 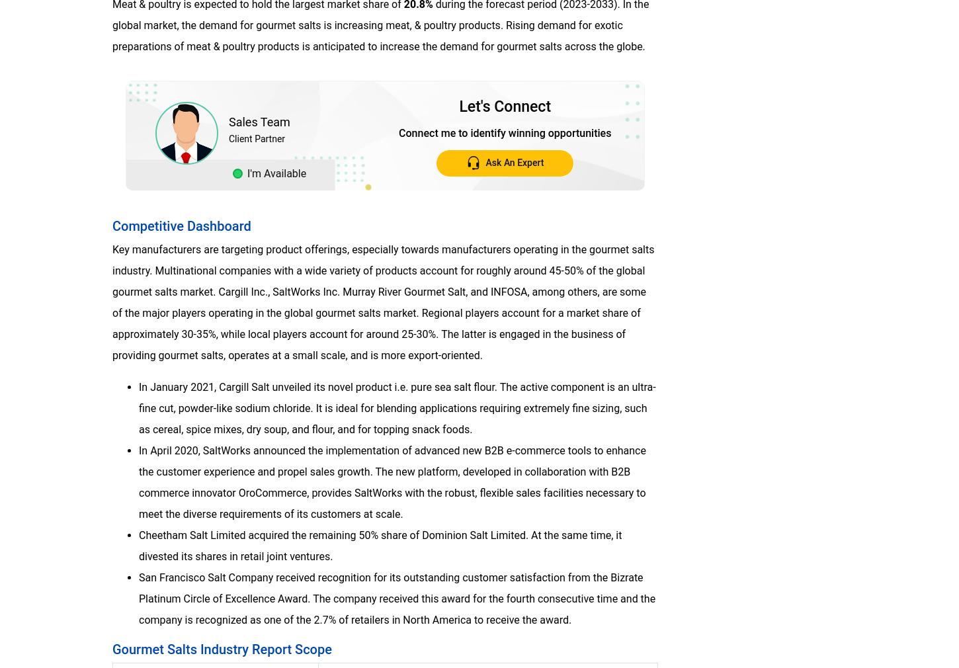 What do you see at coordinates (505, 132) in the screenshot?
I see `'Connect me to identify winning opportunities'` at bounding box center [505, 132].